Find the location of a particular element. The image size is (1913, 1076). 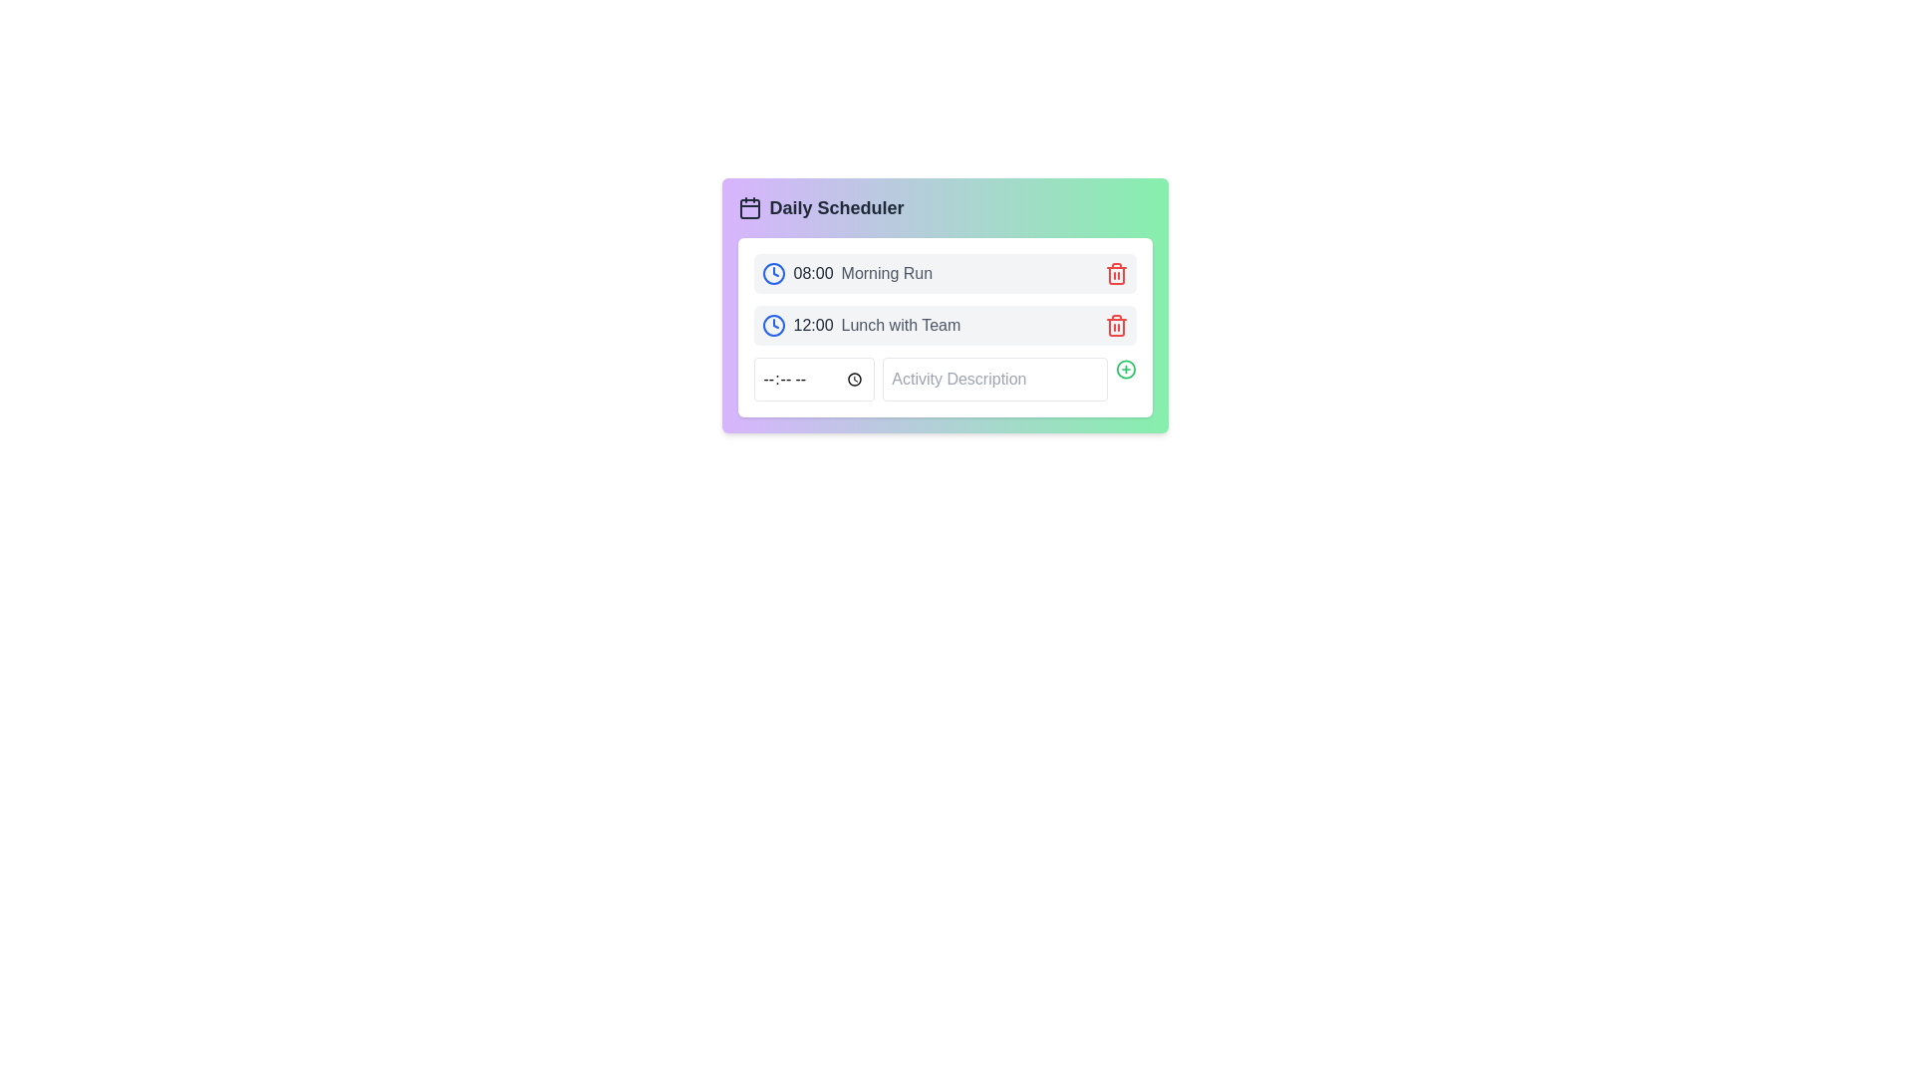

the add activity button located at the far-right of the row containing the time input field and activity description input is located at coordinates (1126, 369).